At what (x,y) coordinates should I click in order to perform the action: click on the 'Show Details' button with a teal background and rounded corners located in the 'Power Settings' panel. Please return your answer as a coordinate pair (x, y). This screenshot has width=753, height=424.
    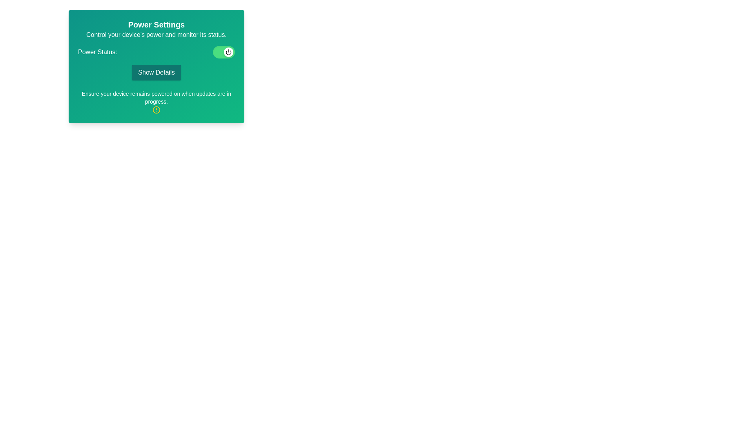
    Looking at the image, I should click on (156, 73).